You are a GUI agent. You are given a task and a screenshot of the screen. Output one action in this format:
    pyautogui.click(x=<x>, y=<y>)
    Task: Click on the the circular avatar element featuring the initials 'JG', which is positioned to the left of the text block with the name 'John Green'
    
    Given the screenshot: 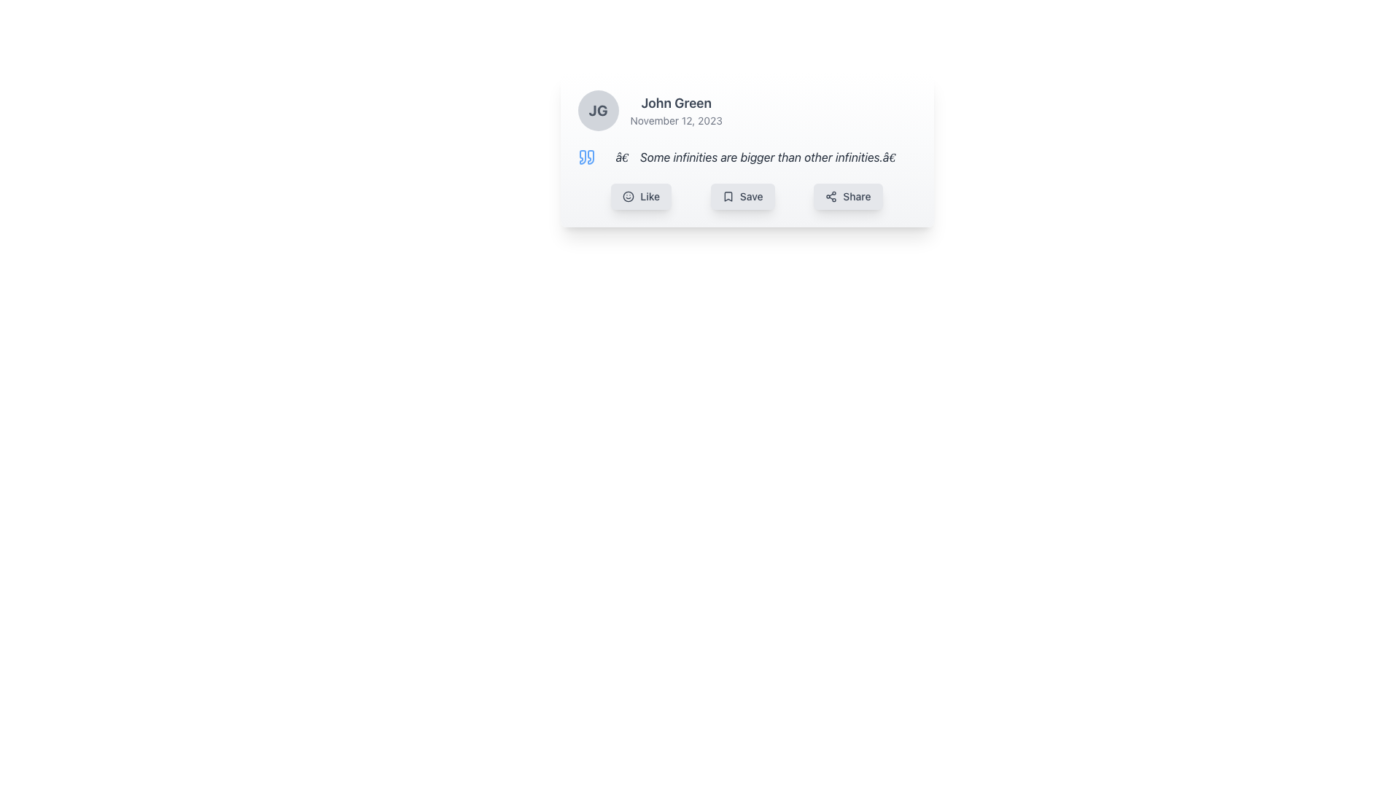 What is the action you would take?
    pyautogui.click(x=598, y=109)
    